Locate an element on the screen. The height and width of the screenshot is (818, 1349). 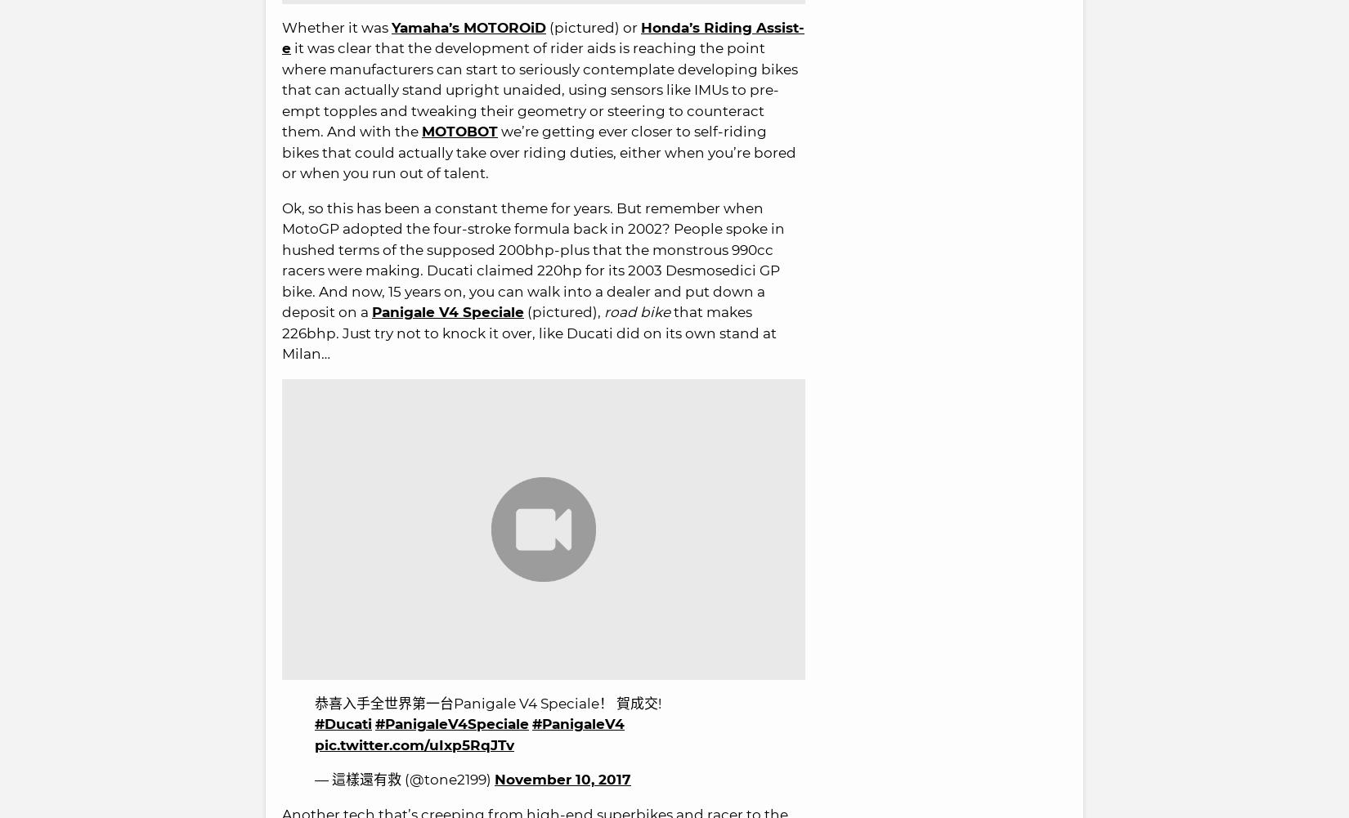
'we’re getting ever closer to self-riding bikes that could actually take over riding duties, either when you’re bored or when you run out of talent.' is located at coordinates (538, 152).